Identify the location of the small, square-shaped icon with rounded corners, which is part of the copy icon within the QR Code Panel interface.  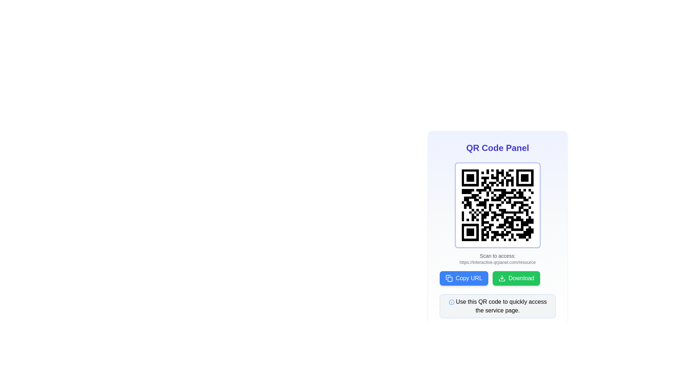
(449, 279).